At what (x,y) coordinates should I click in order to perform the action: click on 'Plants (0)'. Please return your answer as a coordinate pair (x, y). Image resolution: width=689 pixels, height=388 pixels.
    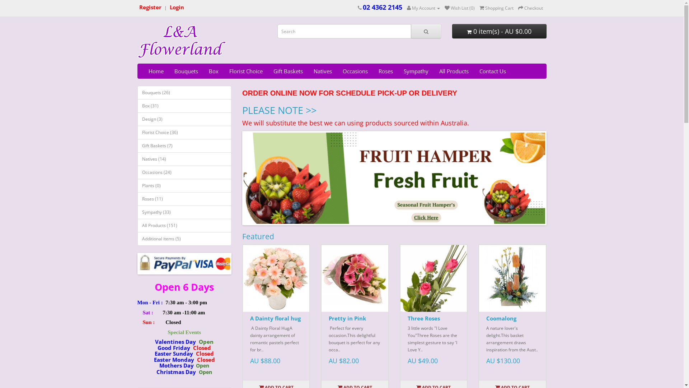
    Looking at the image, I should click on (184, 185).